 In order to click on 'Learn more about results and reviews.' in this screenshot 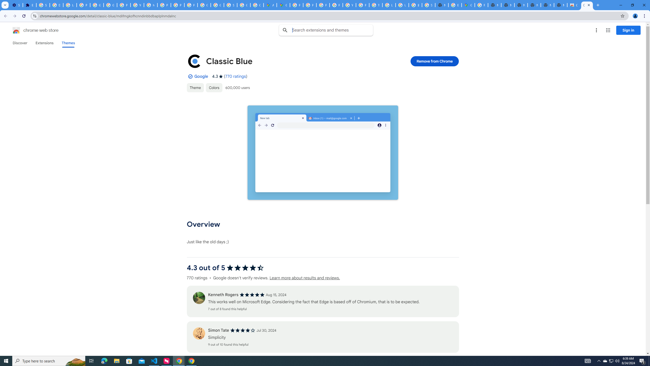, I will do `click(304, 278)`.